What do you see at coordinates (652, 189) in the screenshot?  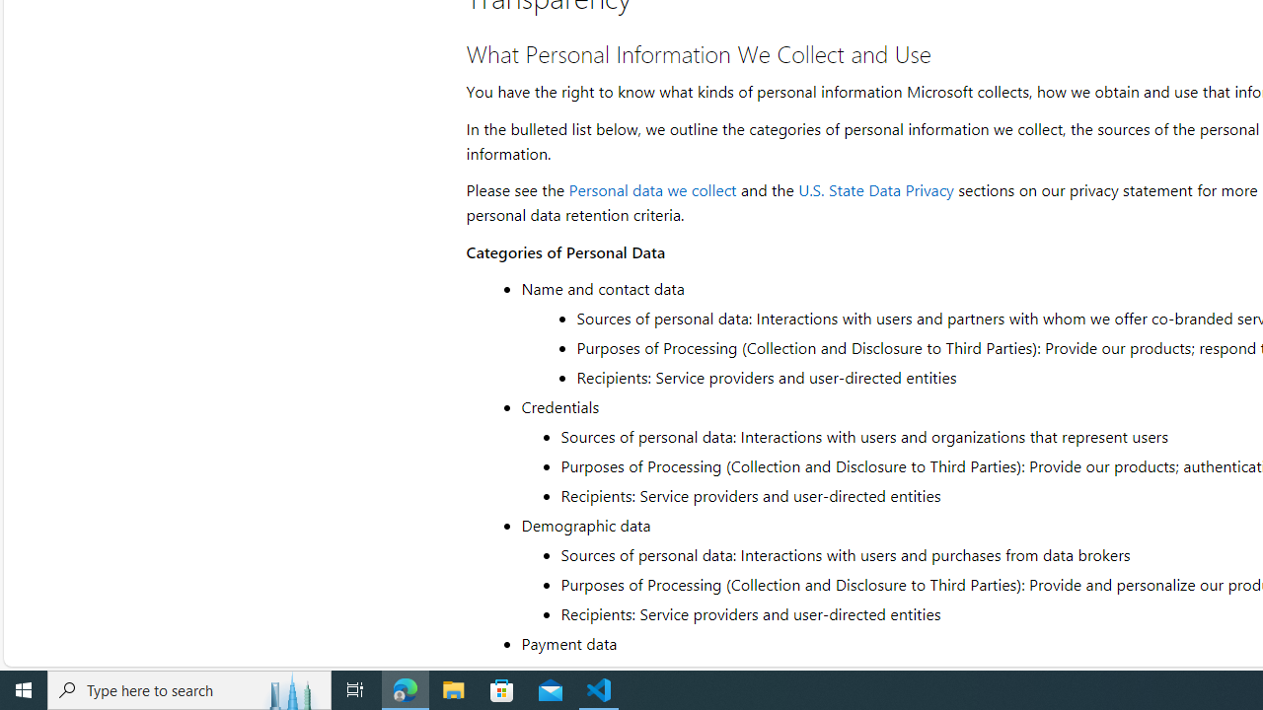 I see `'Personal data we collect'` at bounding box center [652, 189].